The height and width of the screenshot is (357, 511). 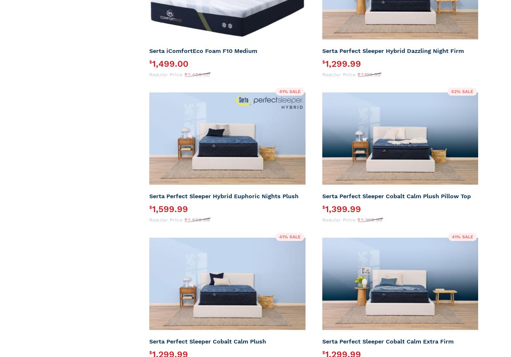 I want to click on '2,199.99', so click(x=370, y=74).